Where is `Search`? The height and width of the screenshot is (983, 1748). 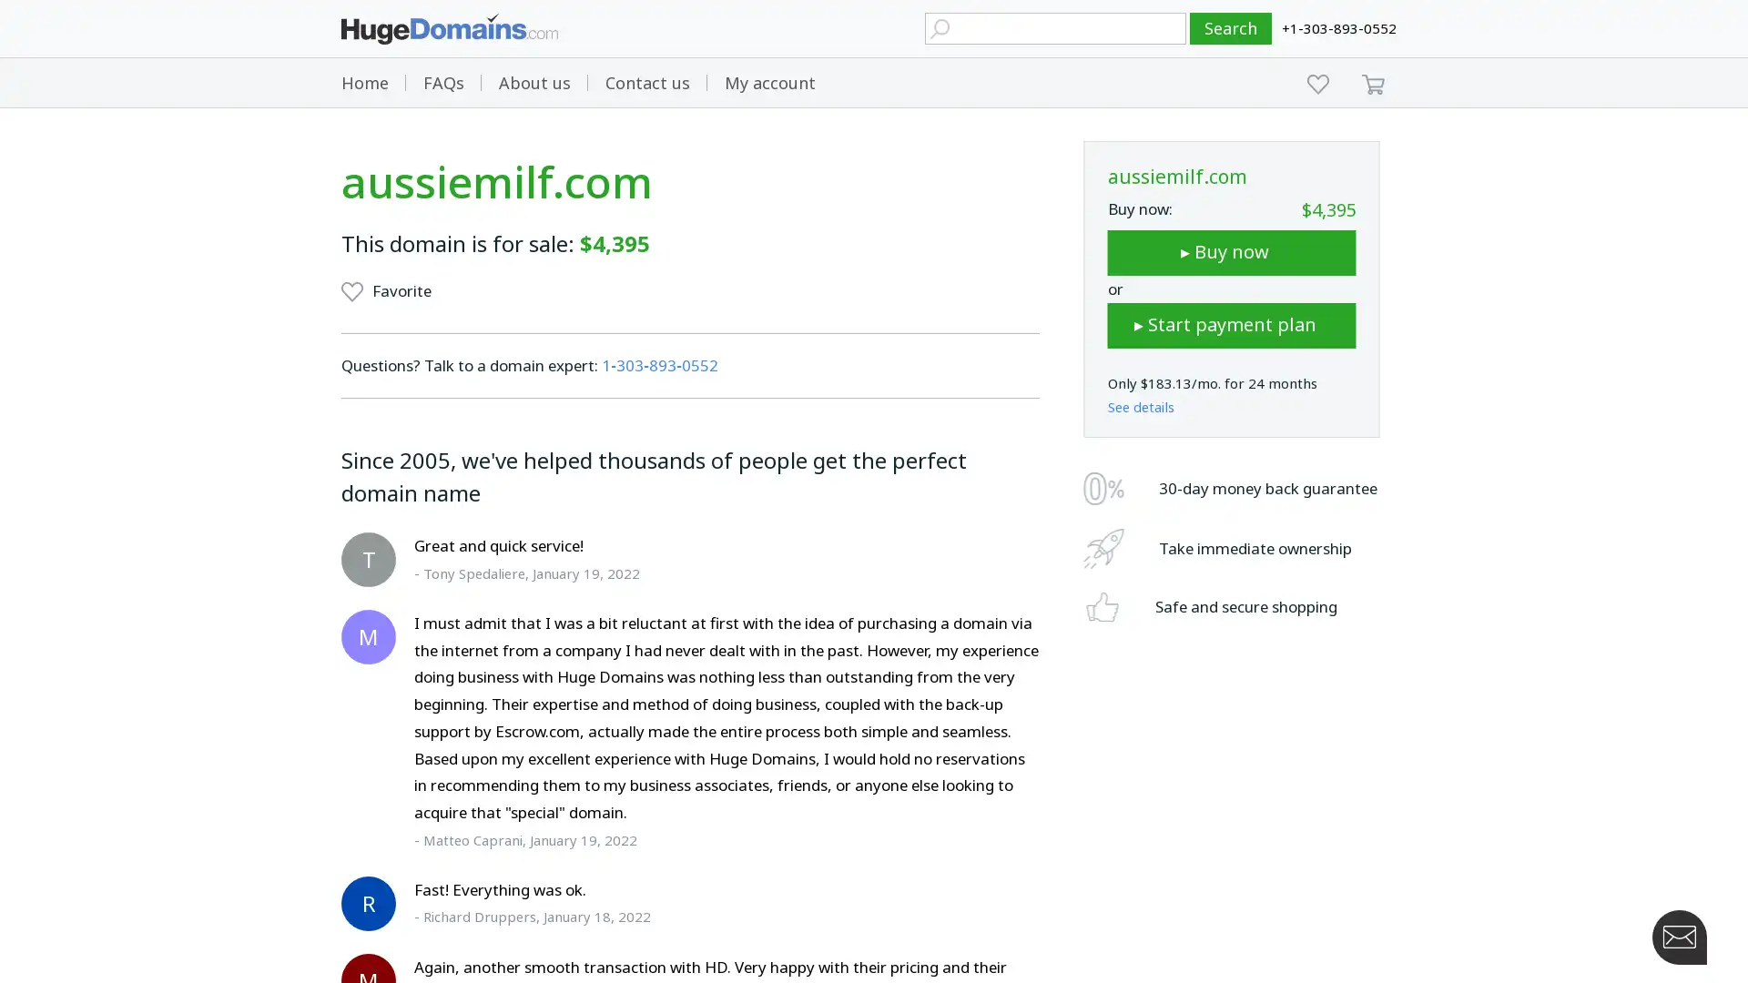 Search is located at coordinates (1231, 28).